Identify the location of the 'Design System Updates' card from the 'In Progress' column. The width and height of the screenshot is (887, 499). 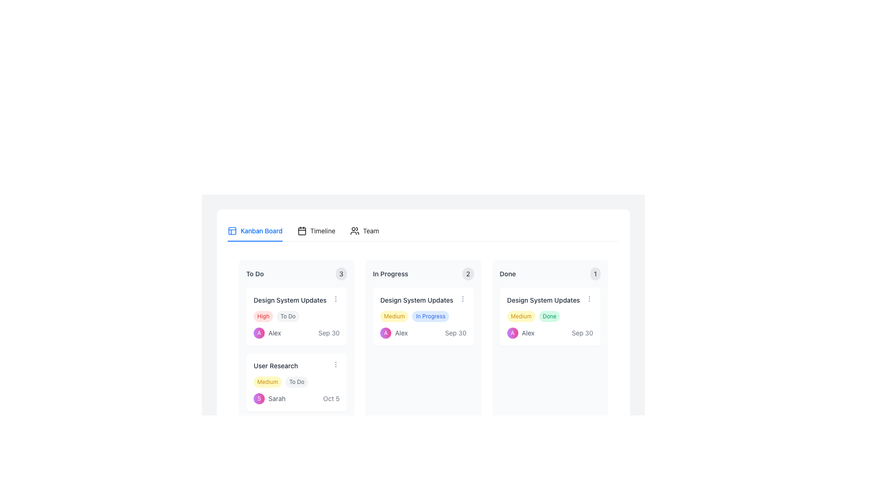
(423, 343).